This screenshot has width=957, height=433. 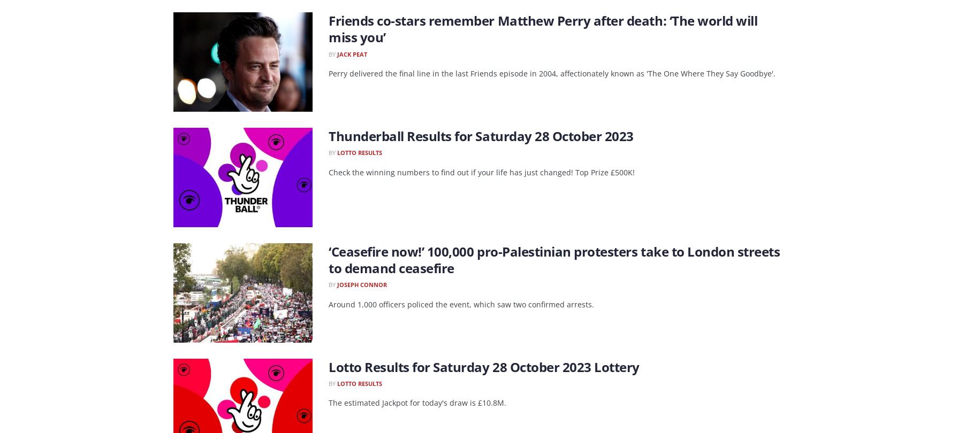 I want to click on 'Check the winning numbers to find out if your life has just changed! Top Prize £500K!', so click(x=482, y=171).